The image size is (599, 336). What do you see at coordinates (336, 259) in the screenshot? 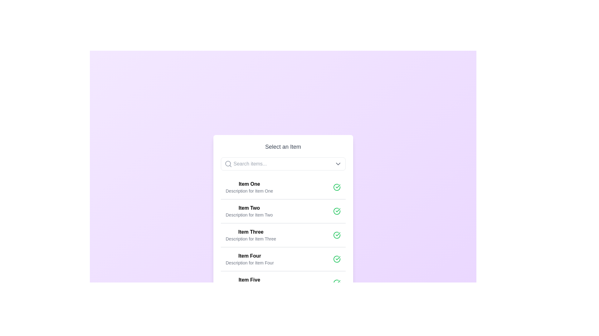
I see `the state represented by the circular green check mark icon located to the far right of the fourth list item labeled 'Item Four'` at bounding box center [336, 259].